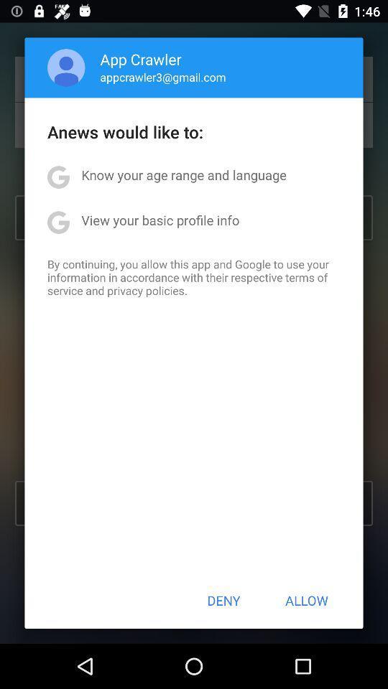 This screenshot has width=388, height=689. What do you see at coordinates (141, 59) in the screenshot?
I see `icon above appcrawler3@gmail.com icon` at bounding box center [141, 59].